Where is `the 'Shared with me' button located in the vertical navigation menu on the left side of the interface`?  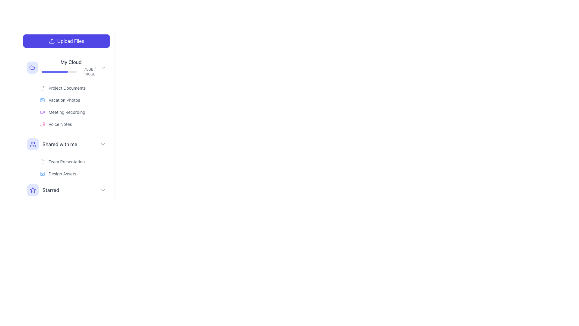
the 'Shared with me' button located in the vertical navigation menu on the left side of the interface is located at coordinates (66, 144).